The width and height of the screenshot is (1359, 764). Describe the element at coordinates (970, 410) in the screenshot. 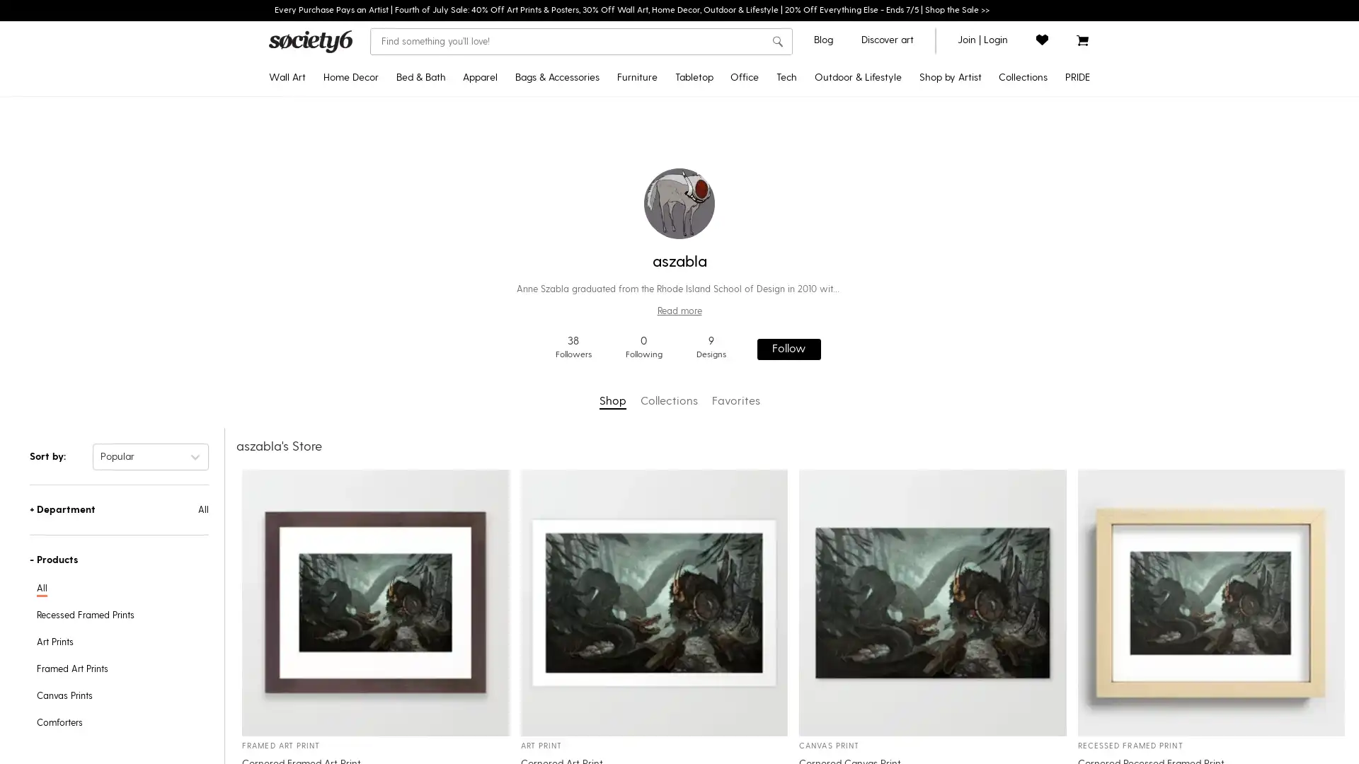

I see `All Collections` at that location.